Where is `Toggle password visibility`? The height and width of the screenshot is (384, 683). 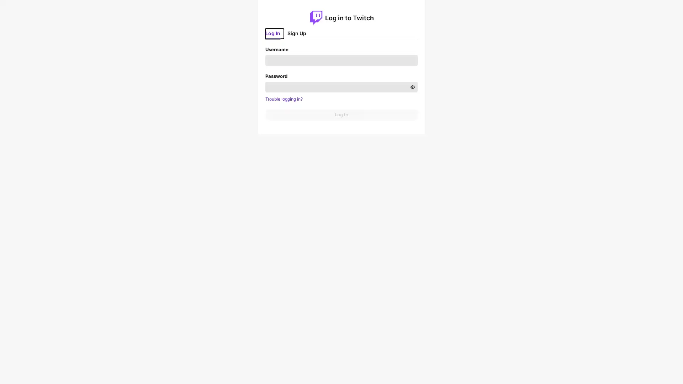 Toggle password visibility is located at coordinates (412, 86).